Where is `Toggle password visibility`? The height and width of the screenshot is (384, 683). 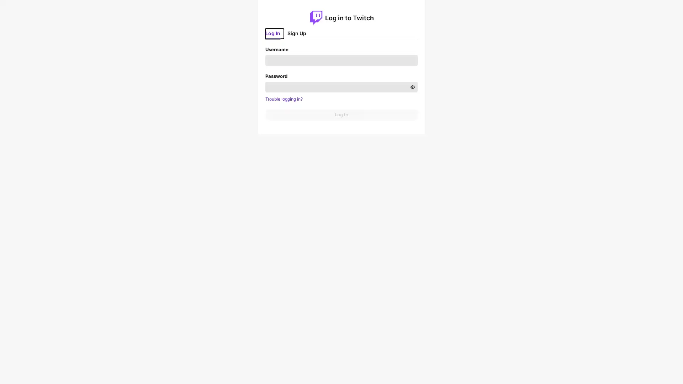 Toggle password visibility is located at coordinates (412, 86).